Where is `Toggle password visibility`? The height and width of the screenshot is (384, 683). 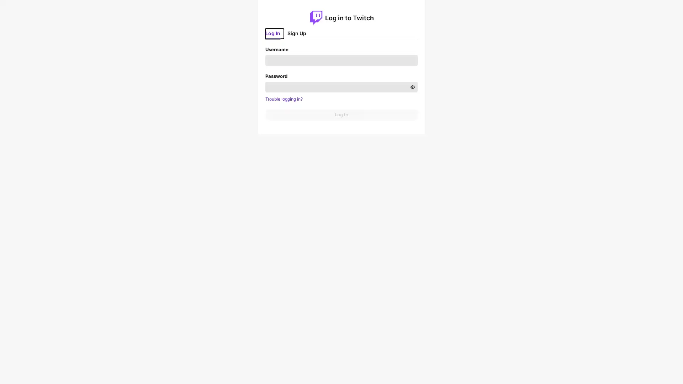 Toggle password visibility is located at coordinates (412, 86).